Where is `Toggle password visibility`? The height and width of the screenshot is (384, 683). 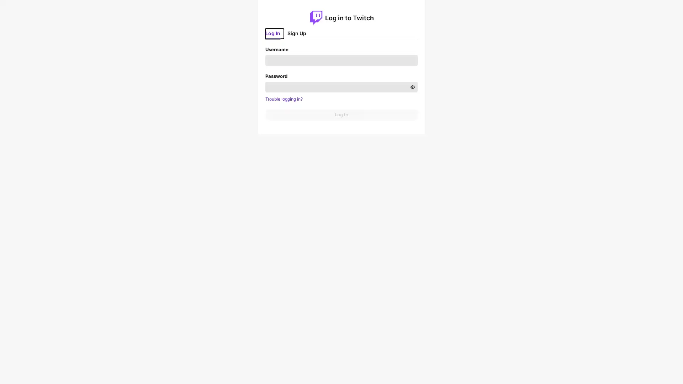 Toggle password visibility is located at coordinates (412, 86).